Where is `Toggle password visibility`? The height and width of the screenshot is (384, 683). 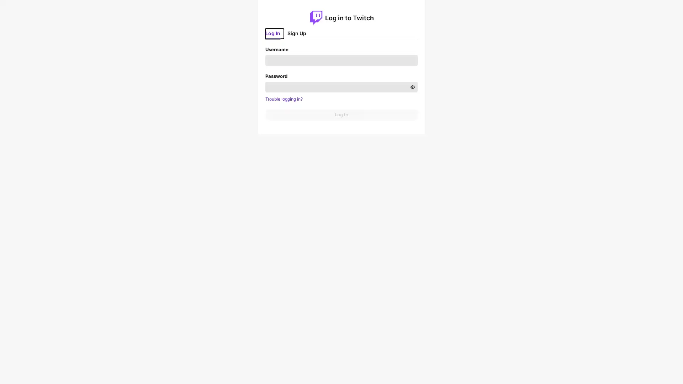 Toggle password visibility is located at coordinates (412, 86).